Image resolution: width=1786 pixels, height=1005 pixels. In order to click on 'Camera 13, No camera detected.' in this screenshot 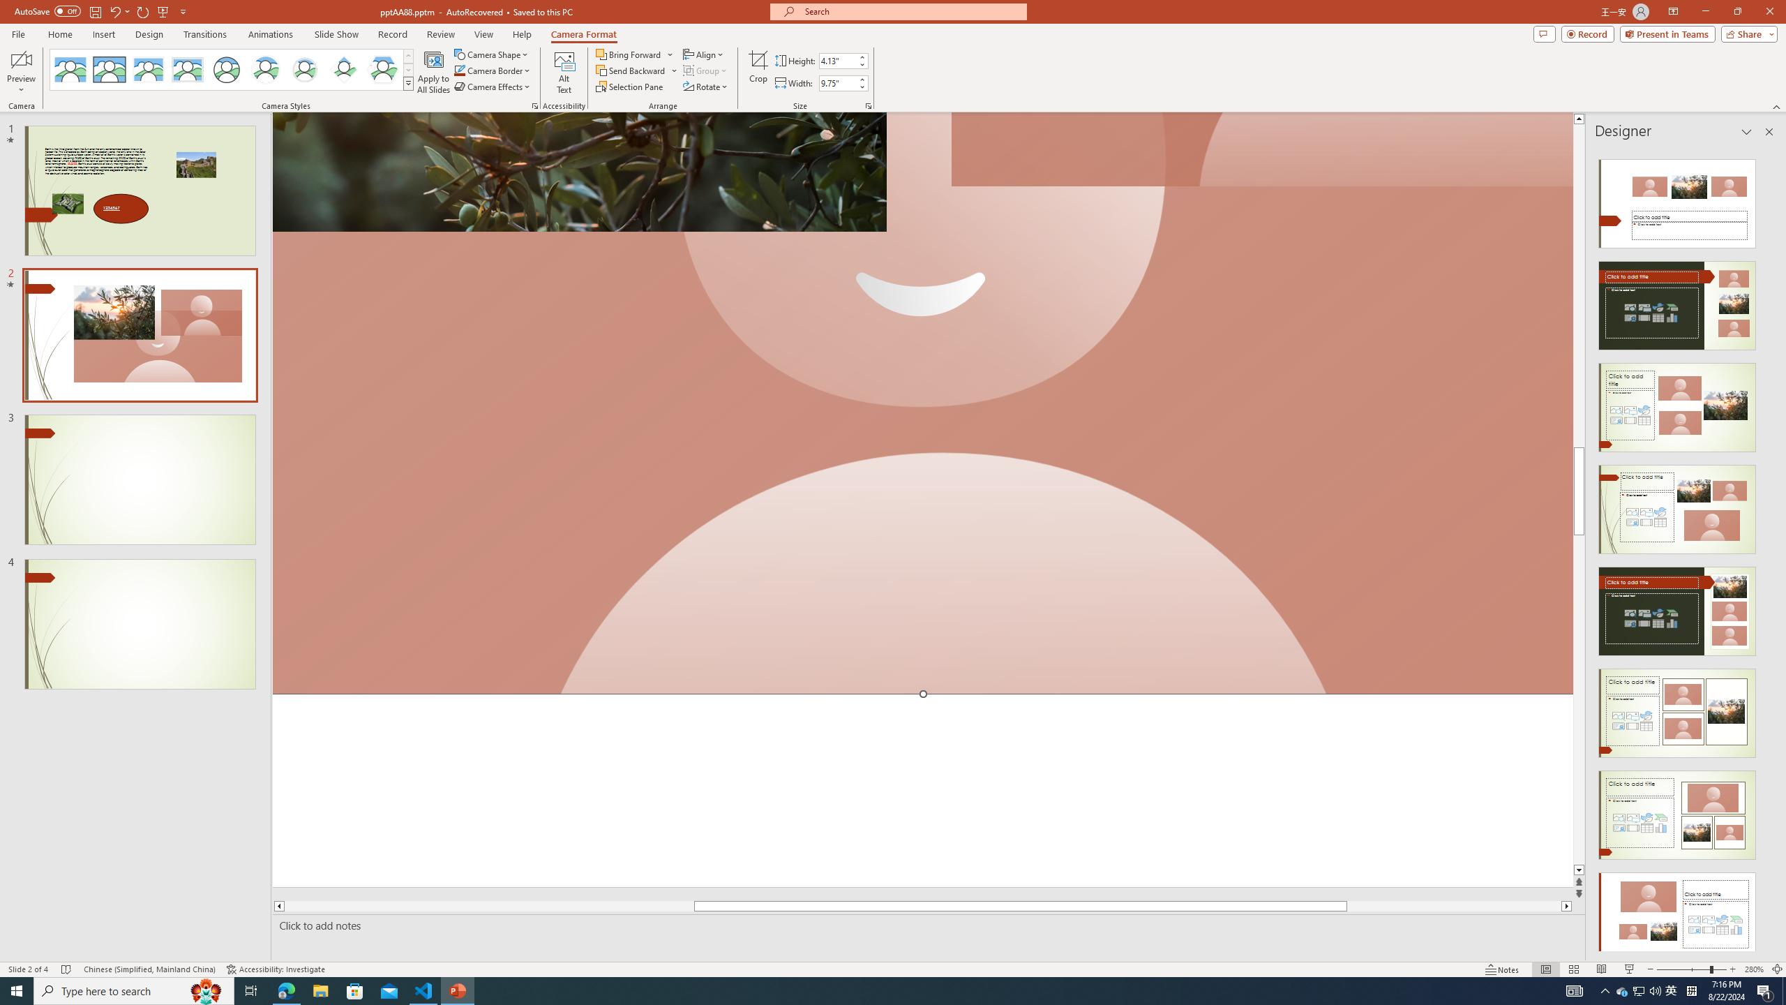, I will do `click(922, 403)`.